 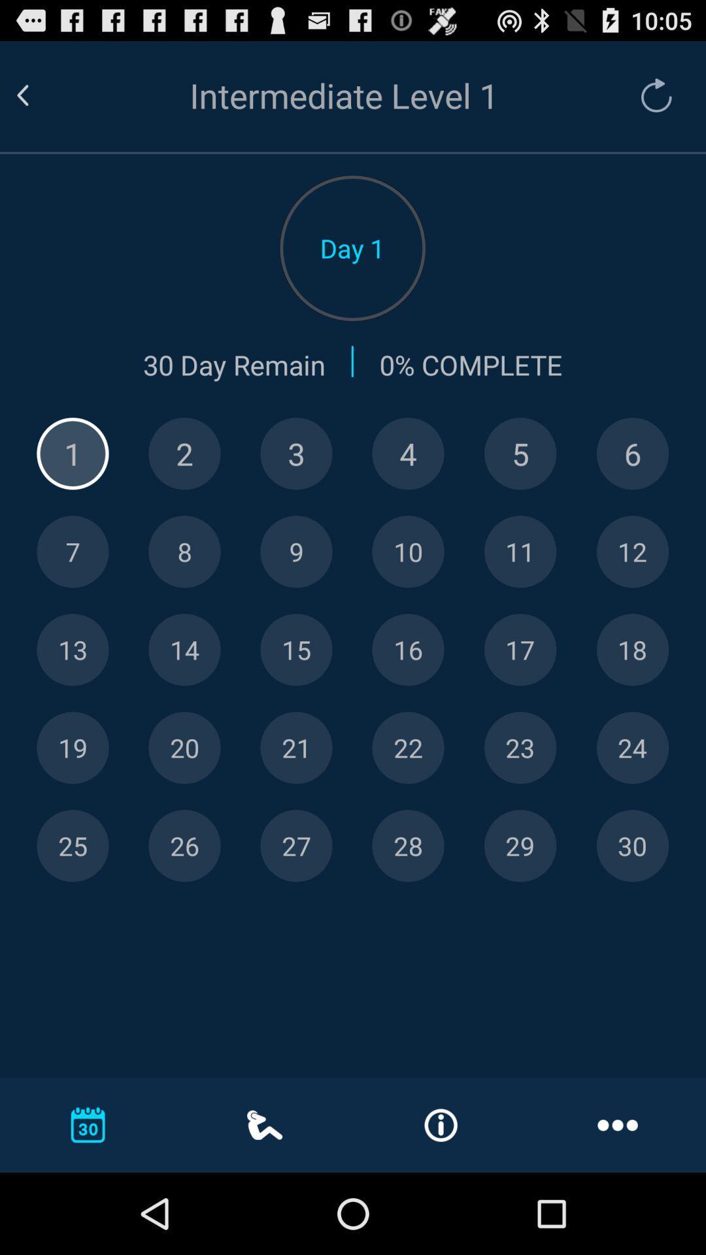 I want to click on number 6, so click(x=631, y=454).